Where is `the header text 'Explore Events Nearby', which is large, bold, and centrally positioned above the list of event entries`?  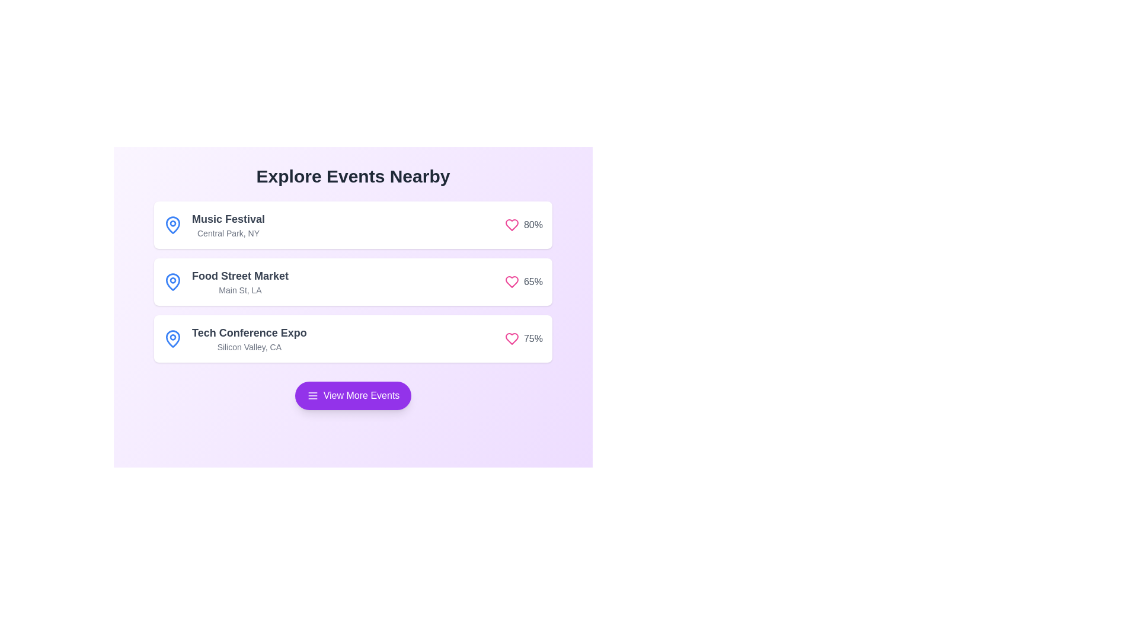 the header text 'Explore Events Nearby', which is large, bold, and centrally positioned above the list of event entries is located at coordinates (352, 176).